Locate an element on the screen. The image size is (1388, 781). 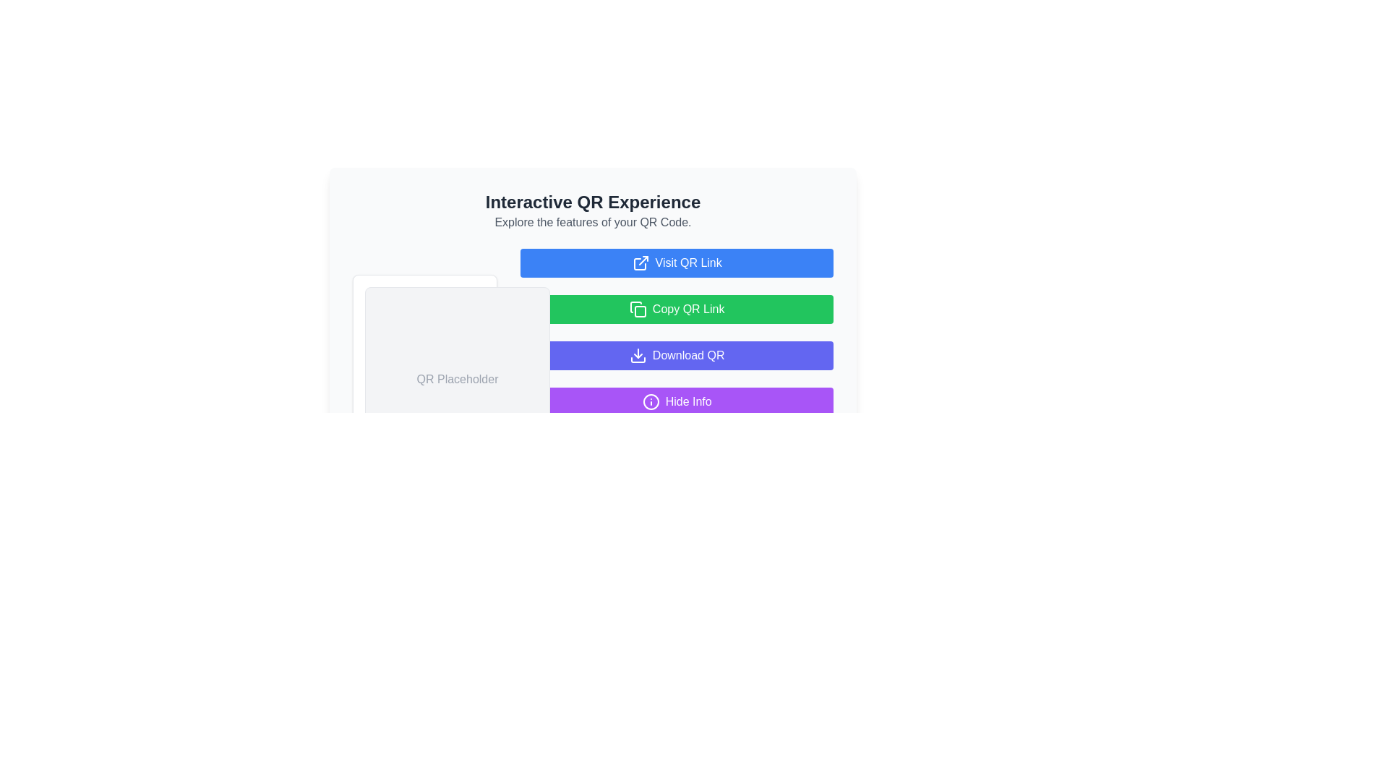
the square visual placeholder with a light gray background and rounded corners that contains the text 'QR Placeholder' is located at coordinates (457, 378).